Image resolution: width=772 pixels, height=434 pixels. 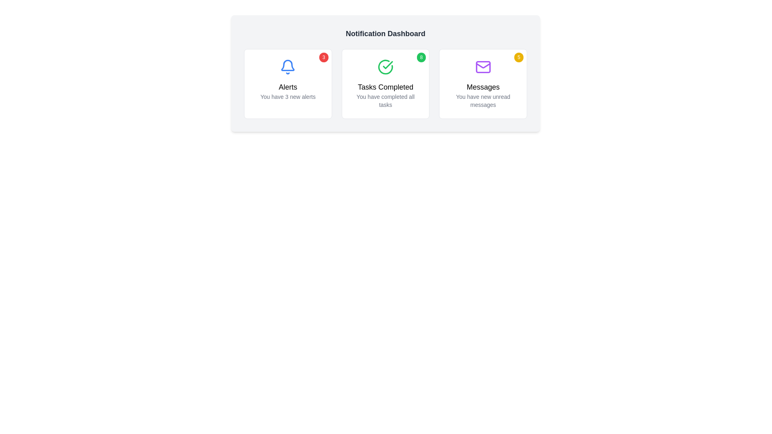 I want to click on the checkmark icon within the green circular border, located on the second card under the 'Tasks Completed' section, so click(x=388, y=65).